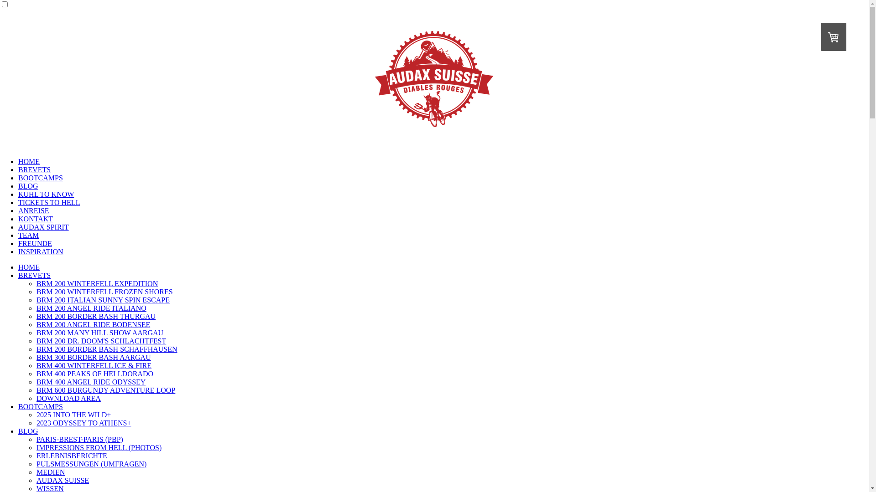 The image size is (876, 492). What do you see at coordinates (36, 447) in the screenshot?
I see `'IMPRESSIONS FROM HELL (PHOTOS)'` at bounding box center [36, 447].